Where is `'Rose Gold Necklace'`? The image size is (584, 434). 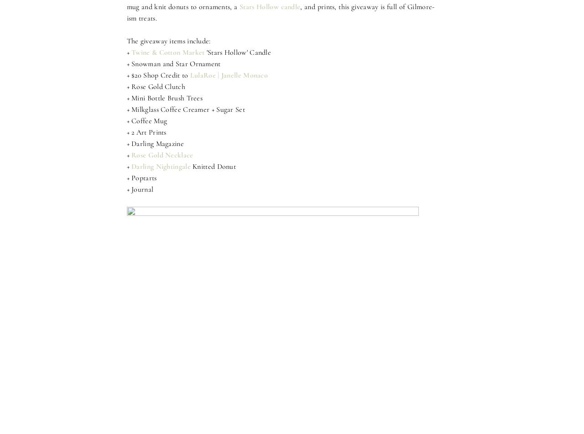 'Rose Gold Necklace' is located at coordinates (162, 155).